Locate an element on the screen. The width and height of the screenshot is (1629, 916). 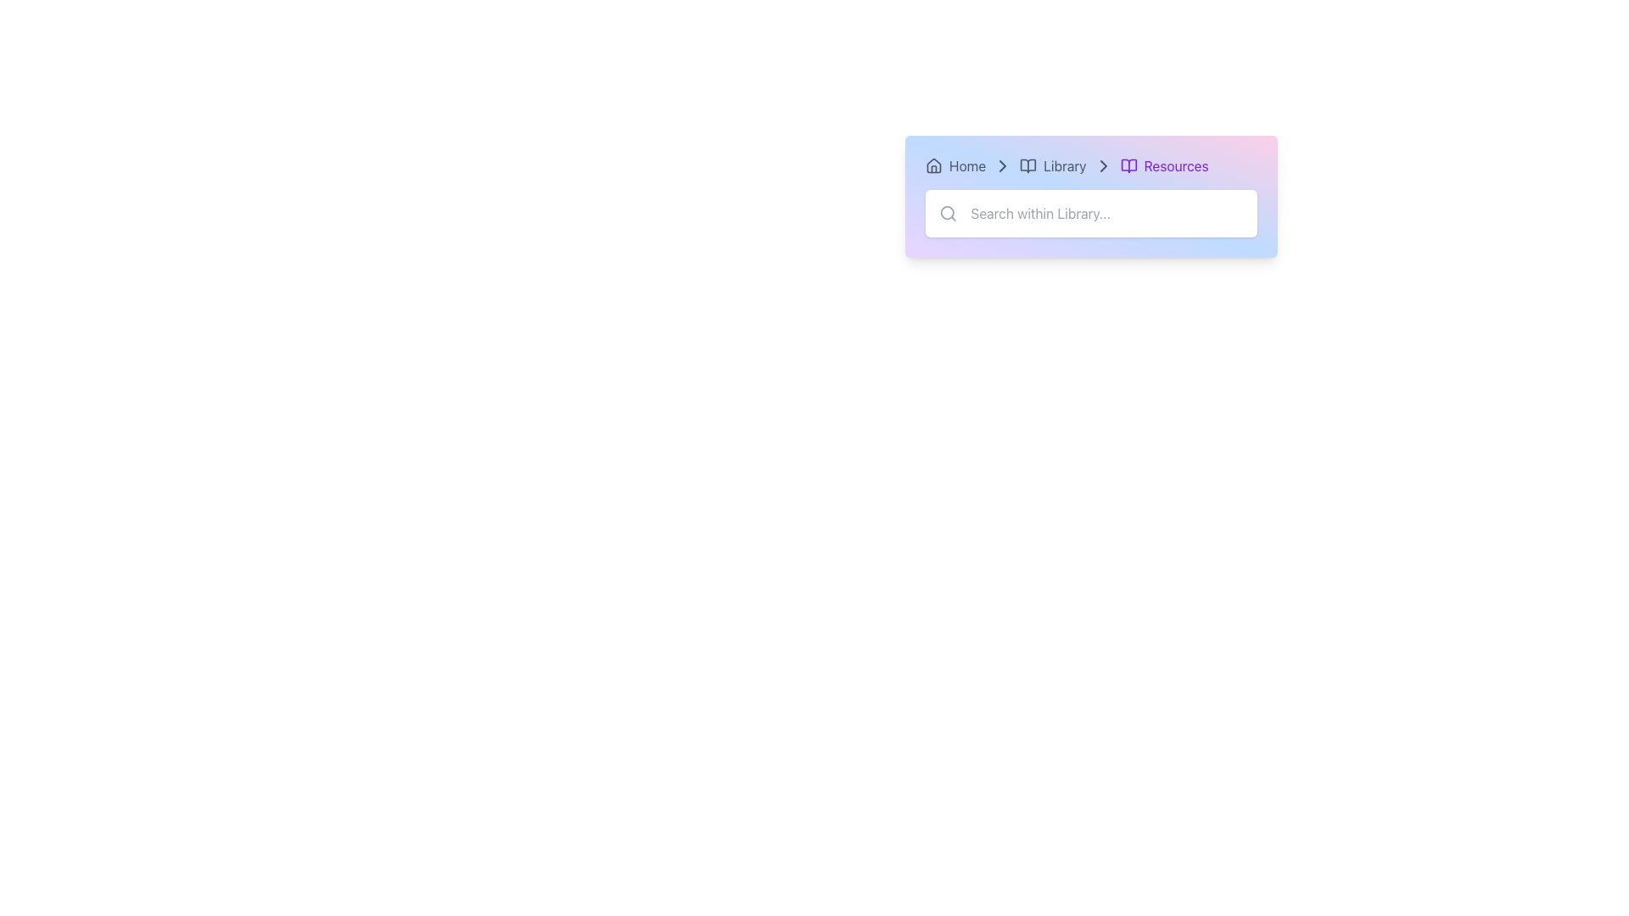
the stylized house icon located in the upper left corner of the navigation bar, which is part of the breadcrumb navigation labeled 'Home.' is located at coordinates (932, 165).